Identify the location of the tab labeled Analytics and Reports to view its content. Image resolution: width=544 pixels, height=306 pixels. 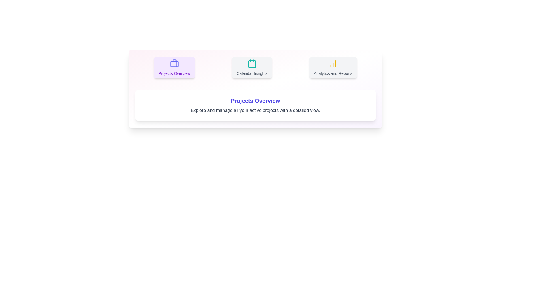
(333, 67).